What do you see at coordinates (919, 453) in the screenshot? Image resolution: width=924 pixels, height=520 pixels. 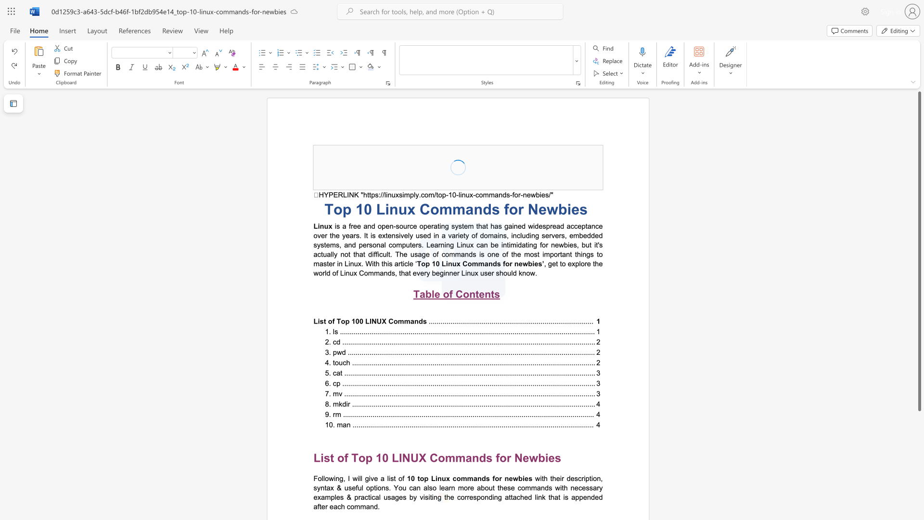 I see `the right-hand scrollbar to descend the page` at bounding box center [919, 453].